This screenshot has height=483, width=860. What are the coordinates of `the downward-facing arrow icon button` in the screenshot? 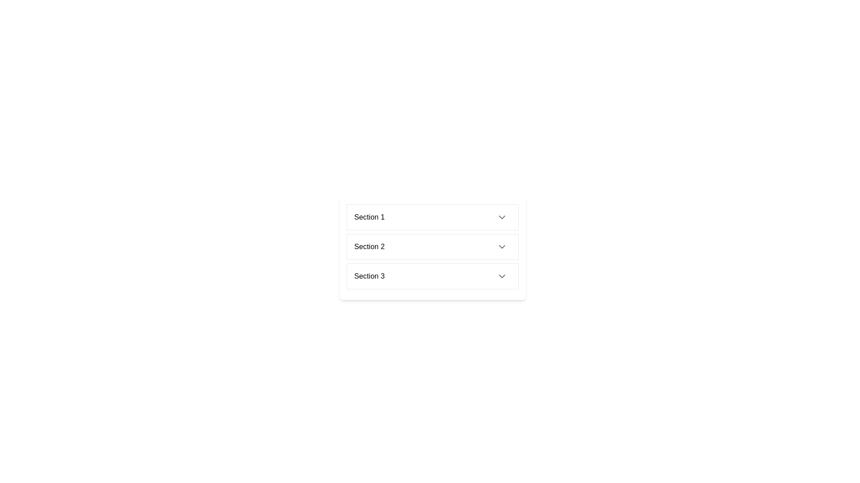 It's located at (502, 246).